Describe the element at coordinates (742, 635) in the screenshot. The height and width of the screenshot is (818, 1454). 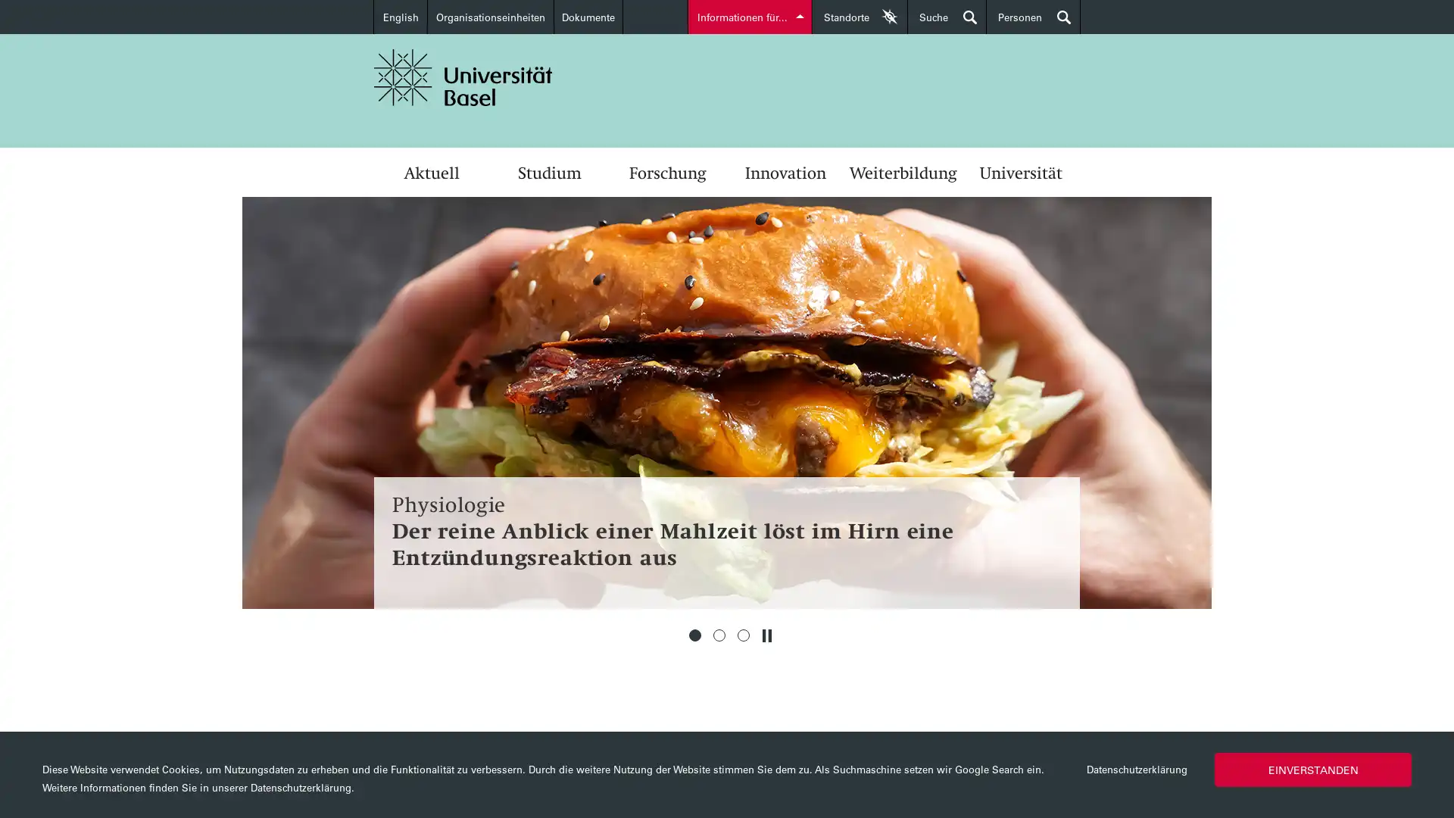
I see `3` at that location.